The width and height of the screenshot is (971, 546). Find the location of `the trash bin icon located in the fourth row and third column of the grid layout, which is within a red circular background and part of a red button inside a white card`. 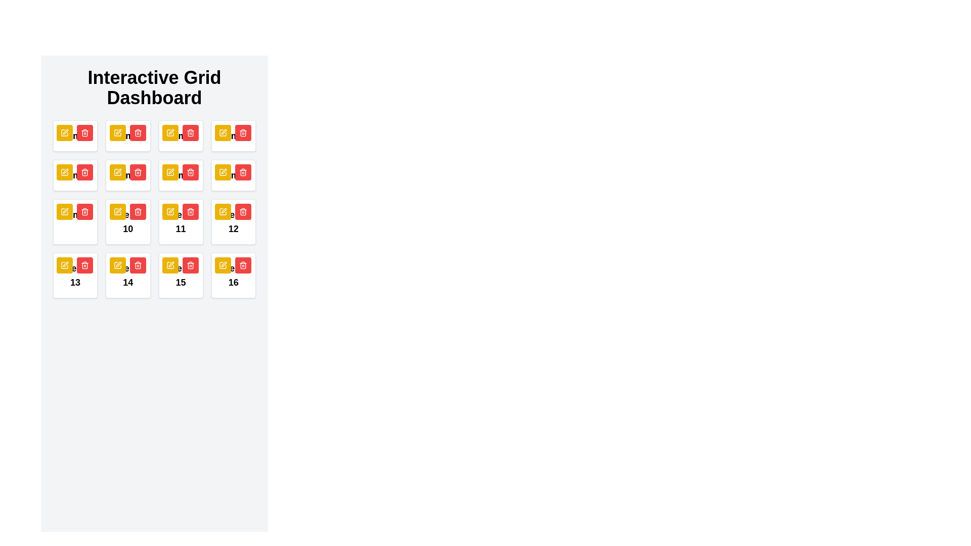

the trash bin icon located in the fourth row and third column of the grid layout, which is within a red circular background and part of a red button inside a white card is located at coordinates (190, 211).